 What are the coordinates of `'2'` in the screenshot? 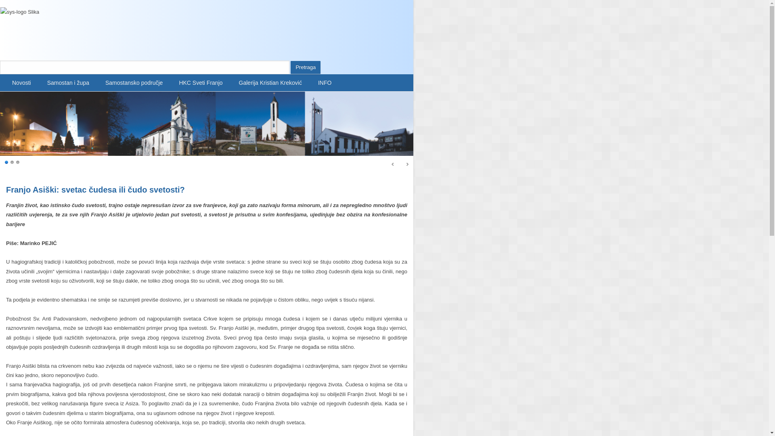 It's located at (12, 162).